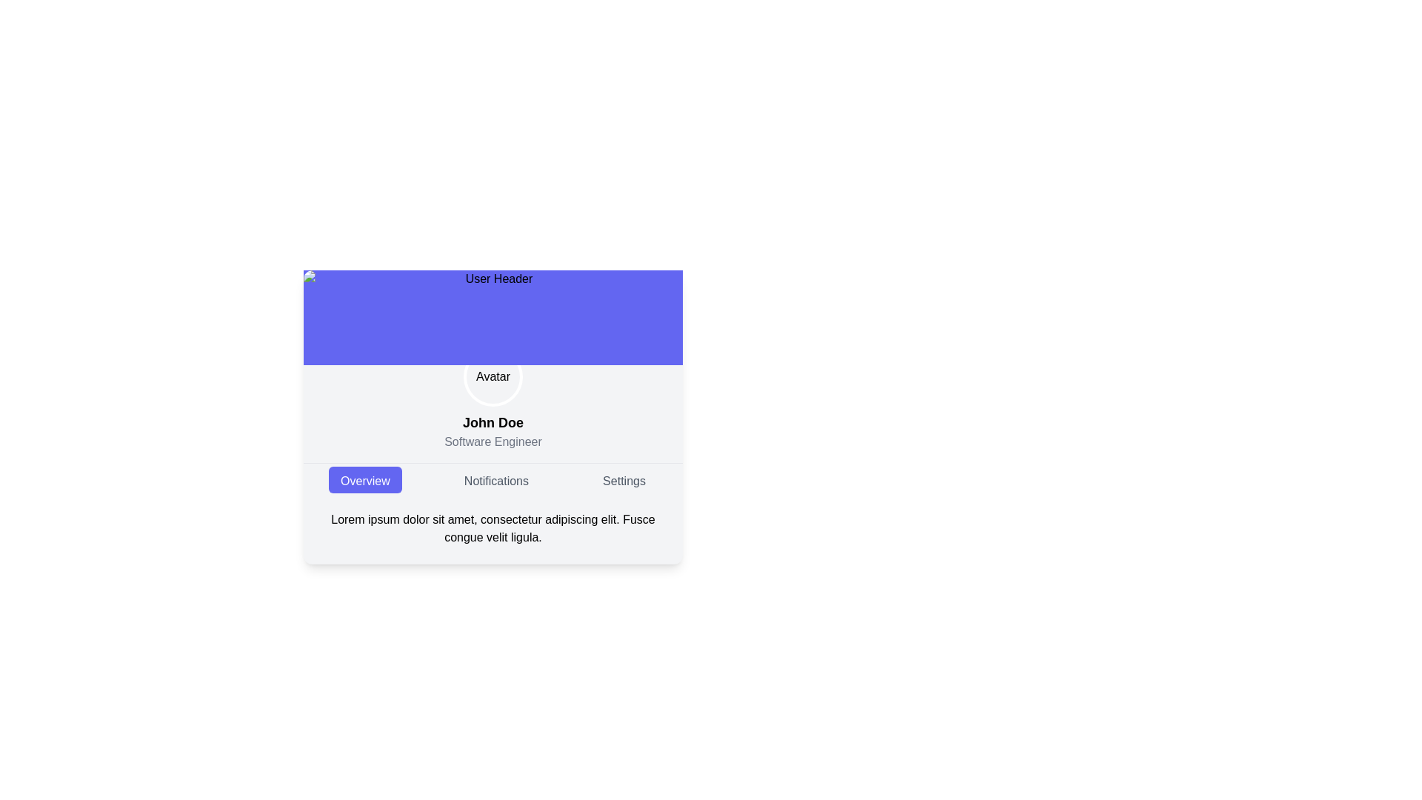  Describe the element at coordinates (496, 480) in the screenshot. I see `the 'Notifications' text label located in the middle of the horizontal menu bar at the bottom of the user card component` at that location.